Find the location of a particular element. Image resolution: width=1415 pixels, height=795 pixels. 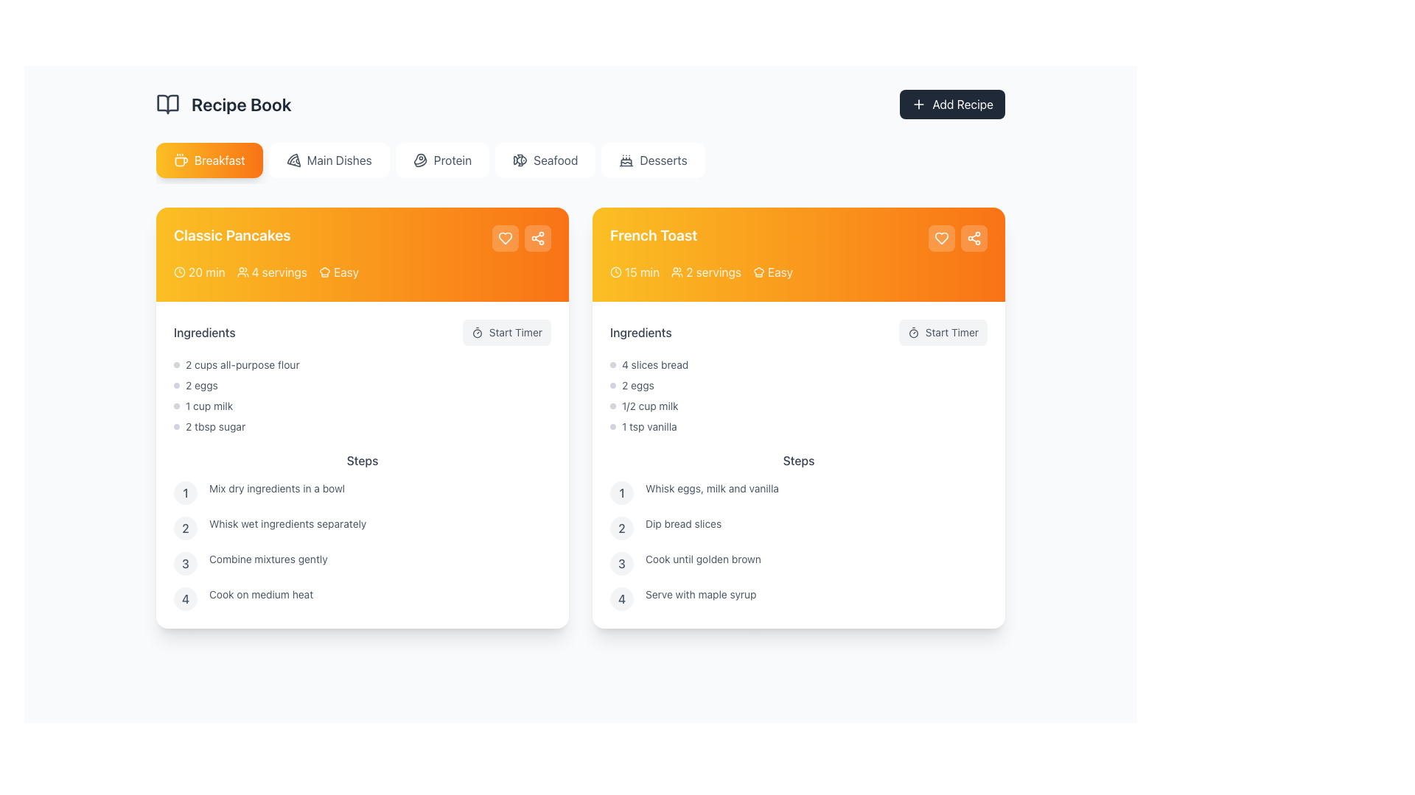

the circular number icon with a light gray background and dark gray text showing the number '1', which is the first item in the 'Steps' section of the 'French Toast' card is located at coordinates (622, 493).